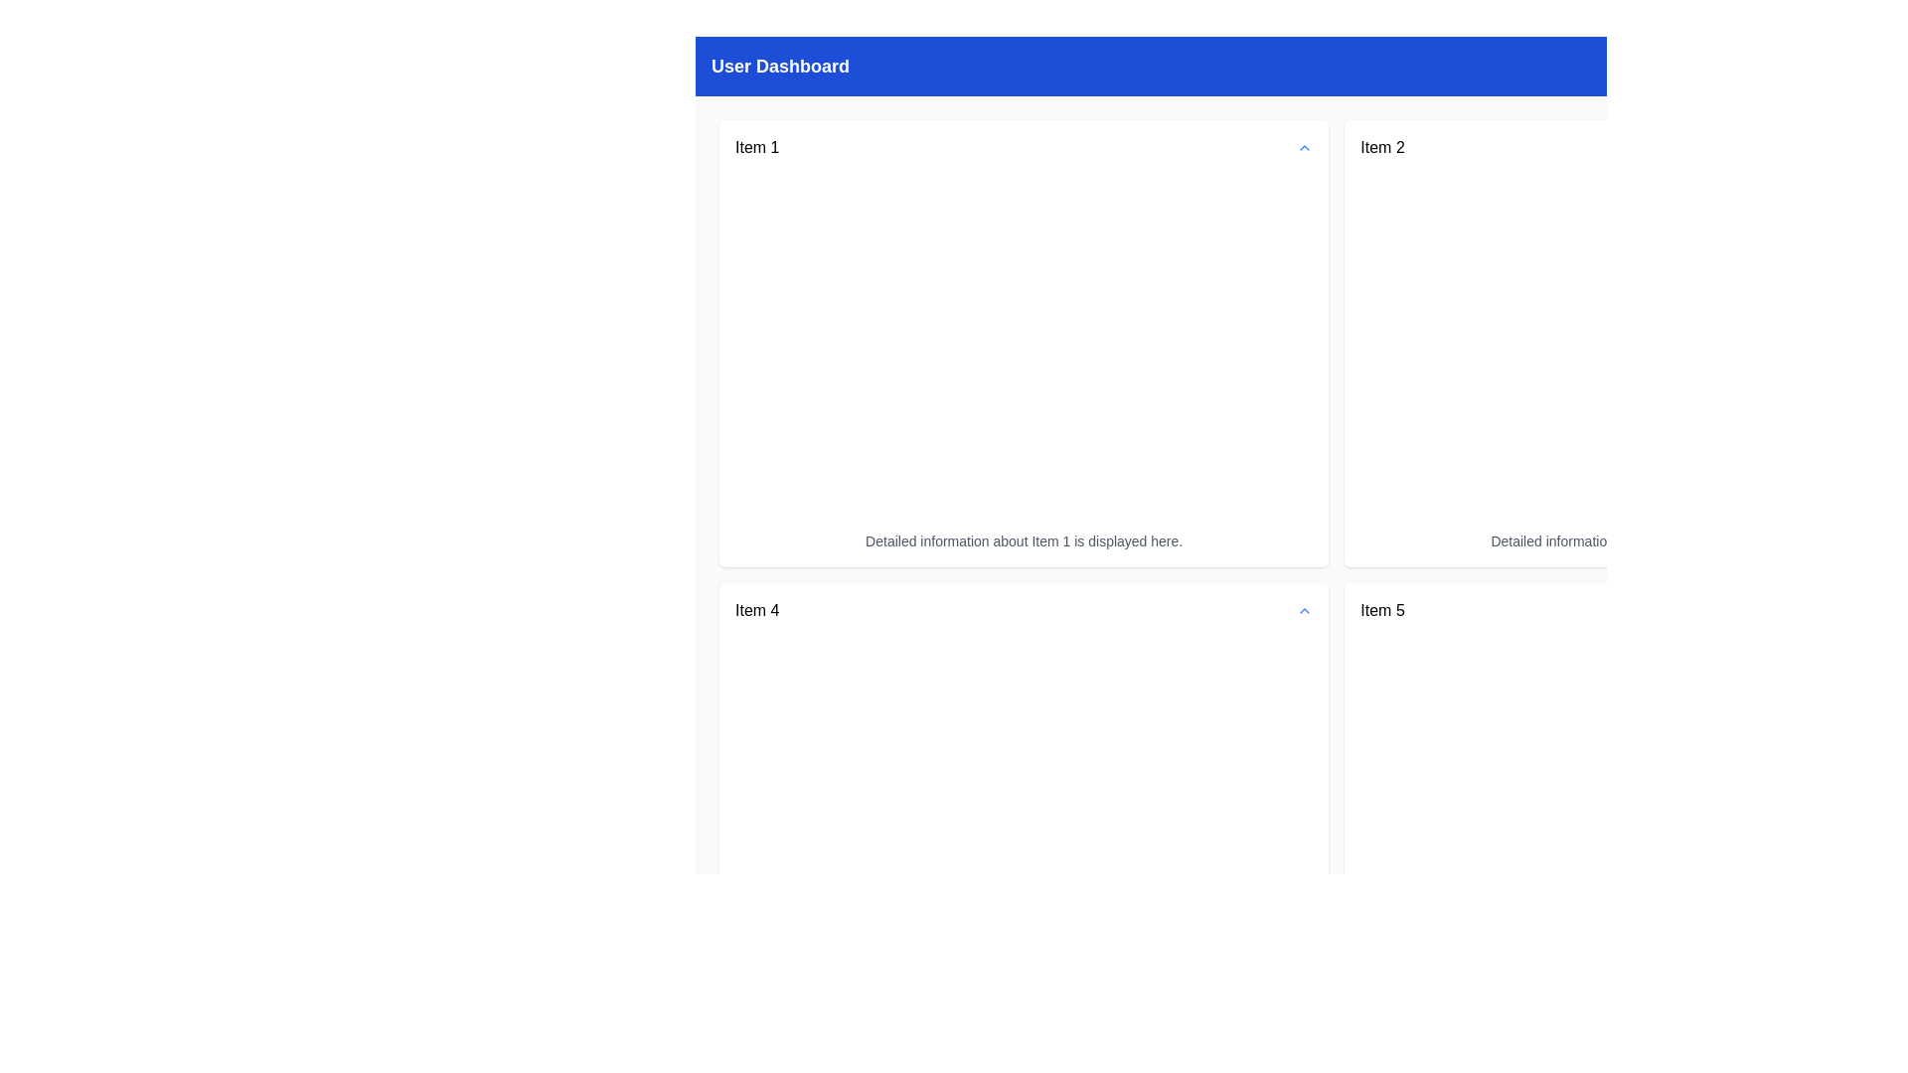 This screenshot has height=1073, width=1908. What do you see at coordinates (1381, 147) in the screenshot?
I see `the text label 'Item 2', which is located in the upper-right quadrant of the interface and serves to identify content related to this item` at bounding box center [1381, 147].